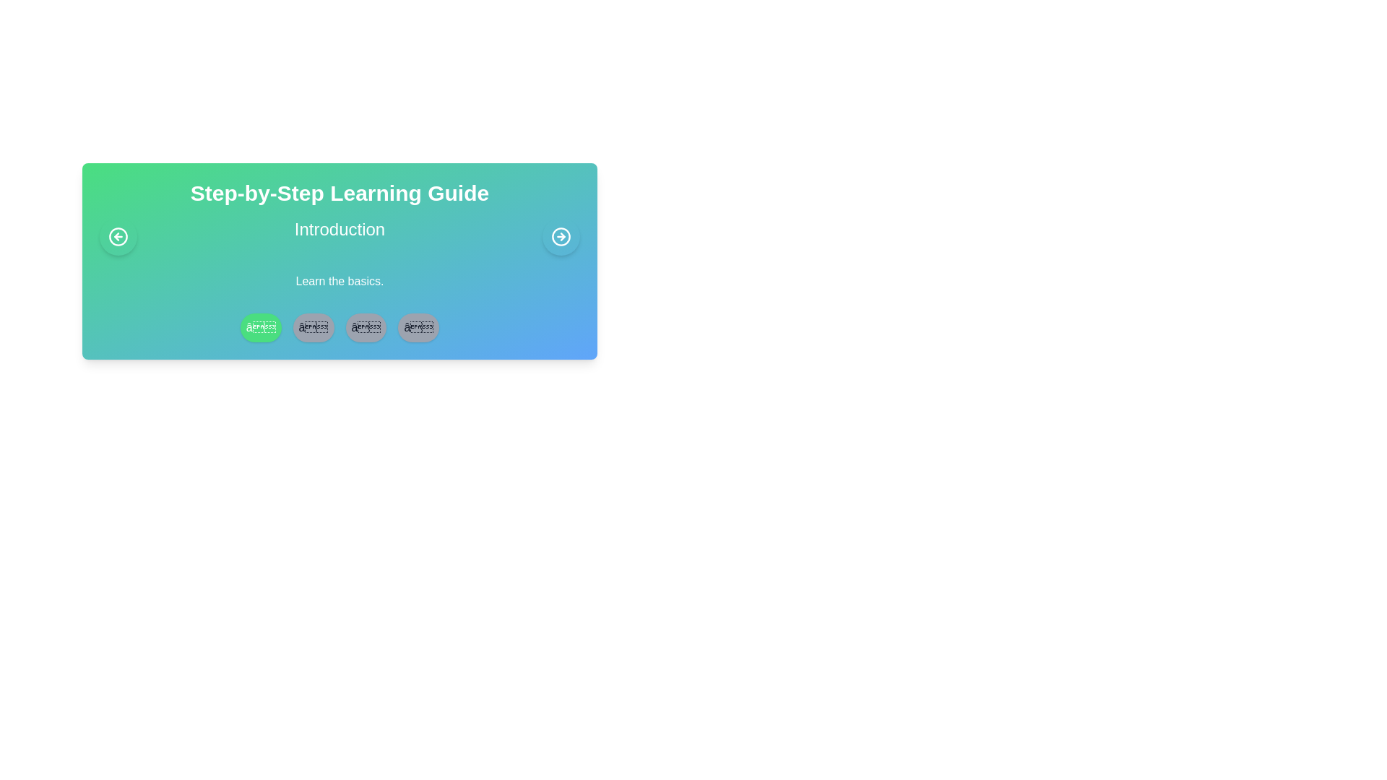 This screenshot has width=1387, height=780. Describe the element at coordinates (418, 328) in the screenshot. I see `the circular button displaying '●' in dark gray color with a gray background` at that location.